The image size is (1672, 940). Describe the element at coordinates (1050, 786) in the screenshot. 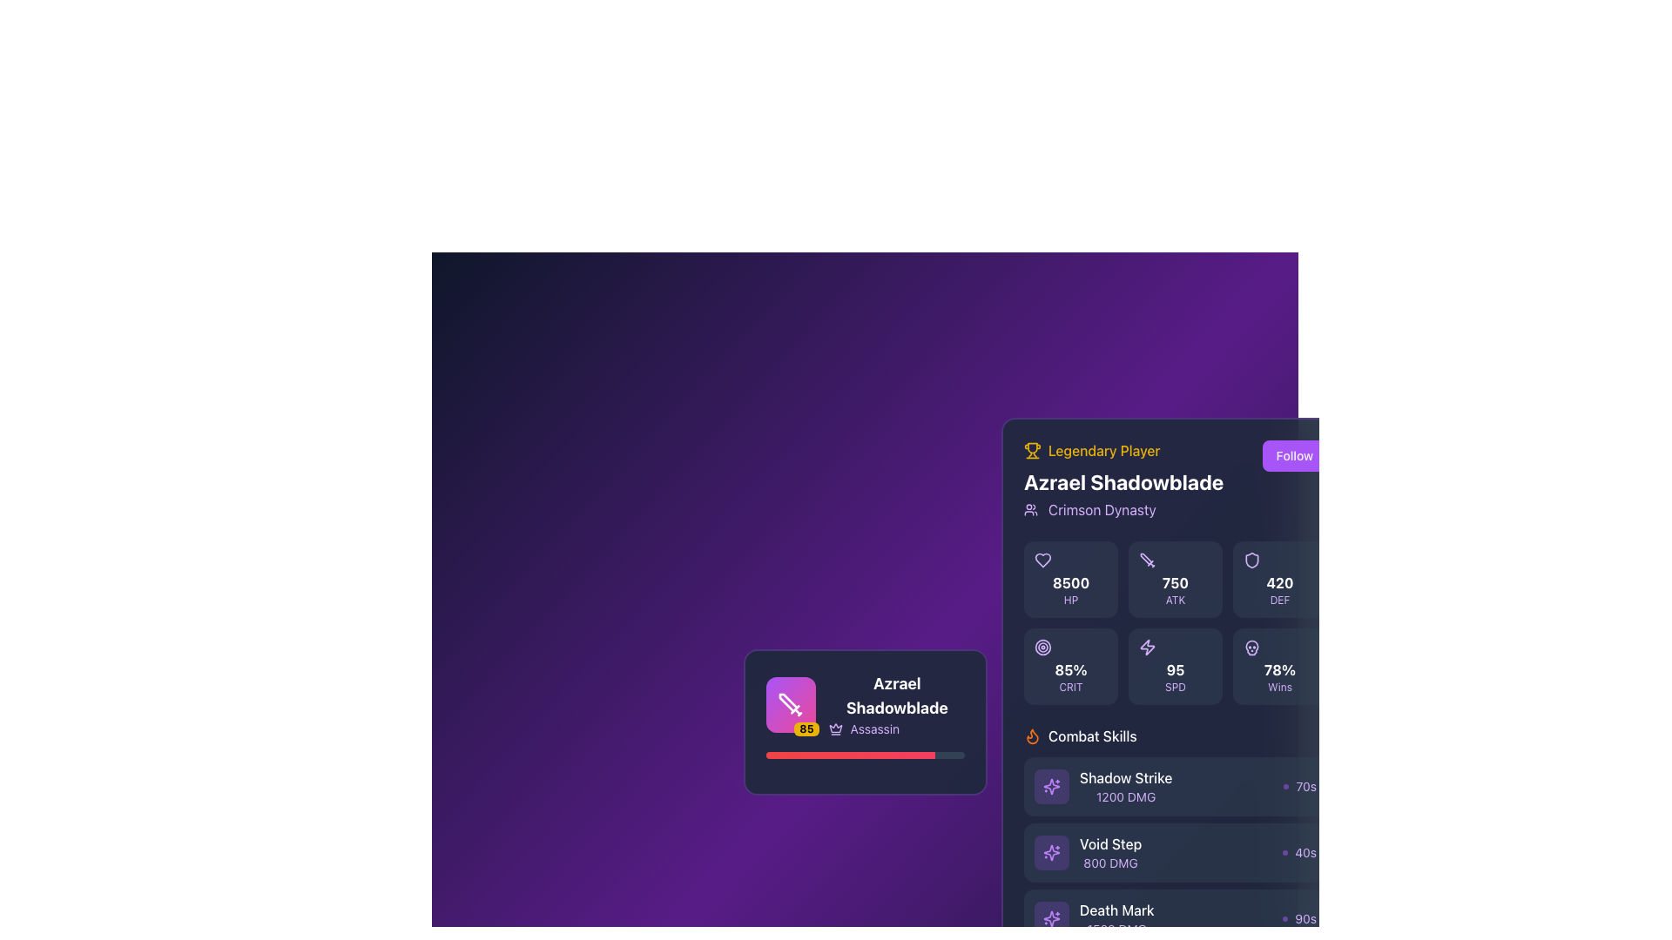

I see `the star-like icon with a purple hue located in the lower-mid region of the sidebar, characterized by its starburst-like design` at that location.